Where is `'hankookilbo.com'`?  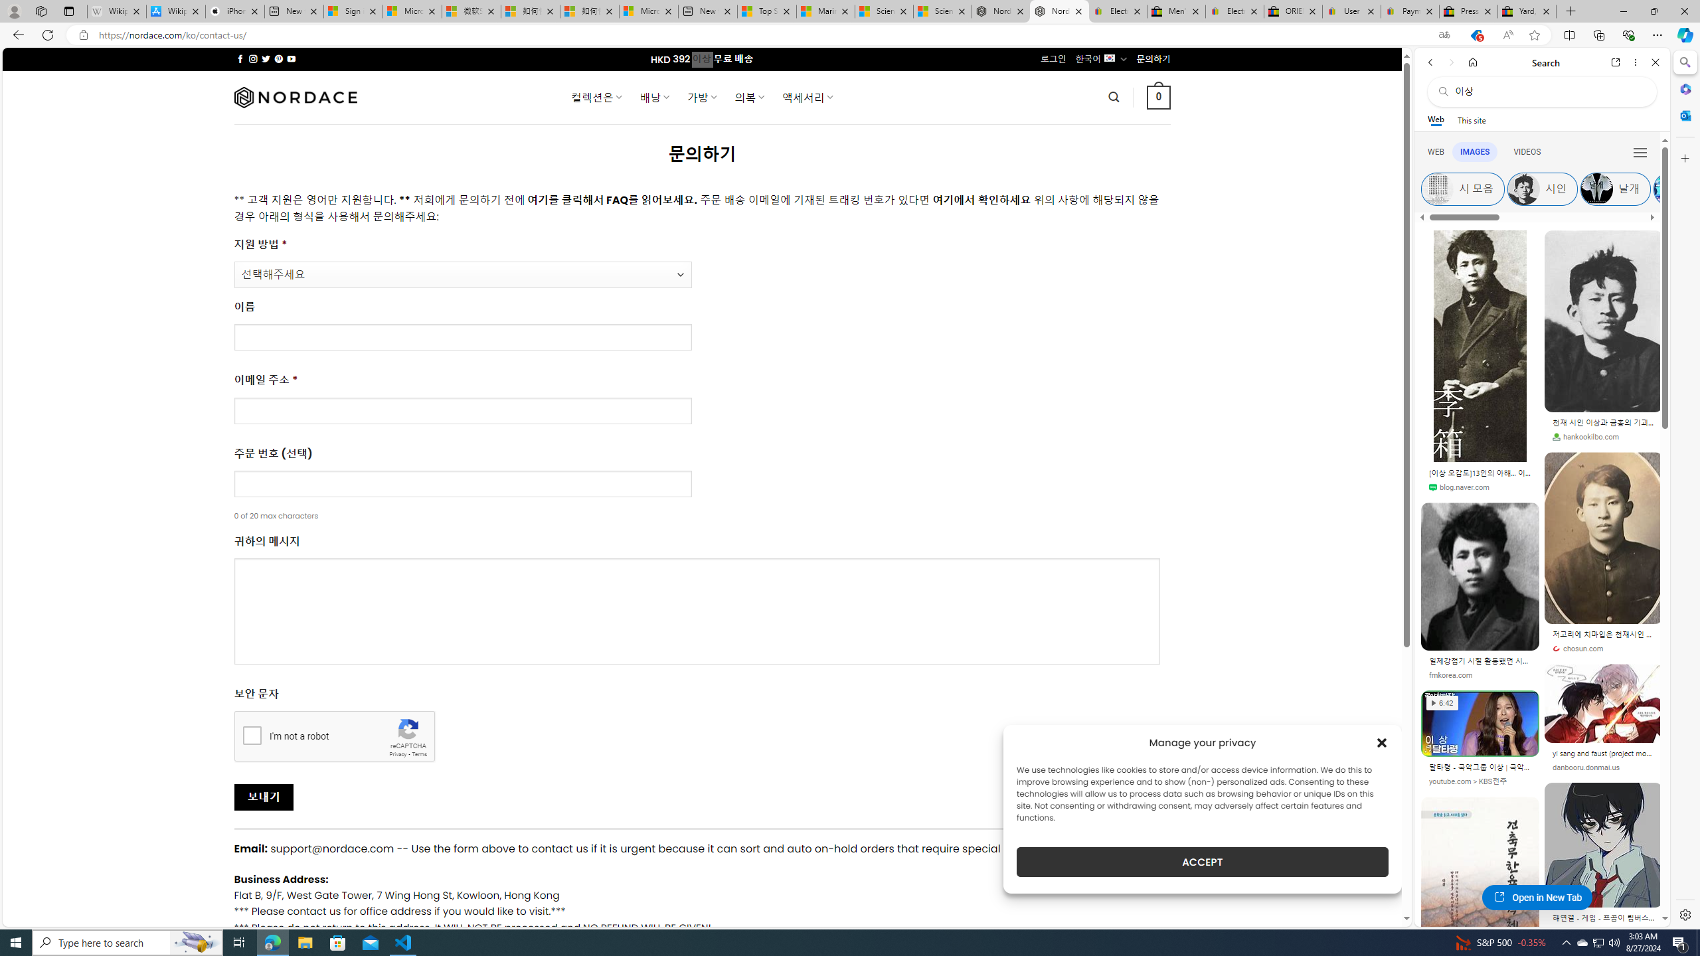
'hankookilbo.com' is located at coordinates (1602, 437).